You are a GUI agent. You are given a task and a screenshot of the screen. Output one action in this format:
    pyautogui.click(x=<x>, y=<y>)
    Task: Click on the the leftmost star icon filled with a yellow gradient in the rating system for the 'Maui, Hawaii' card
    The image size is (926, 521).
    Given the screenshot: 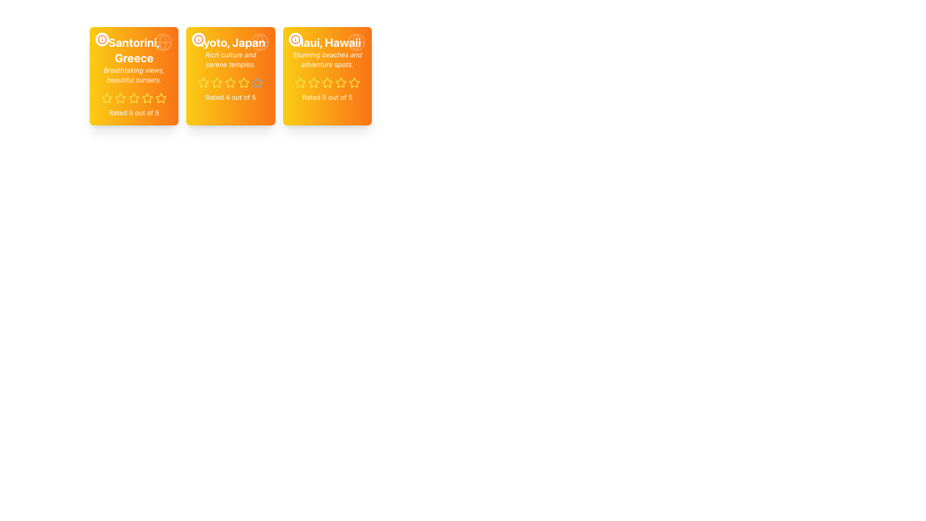 What is the action you would take?
    pyautogui.click(x=300, y=82)
    